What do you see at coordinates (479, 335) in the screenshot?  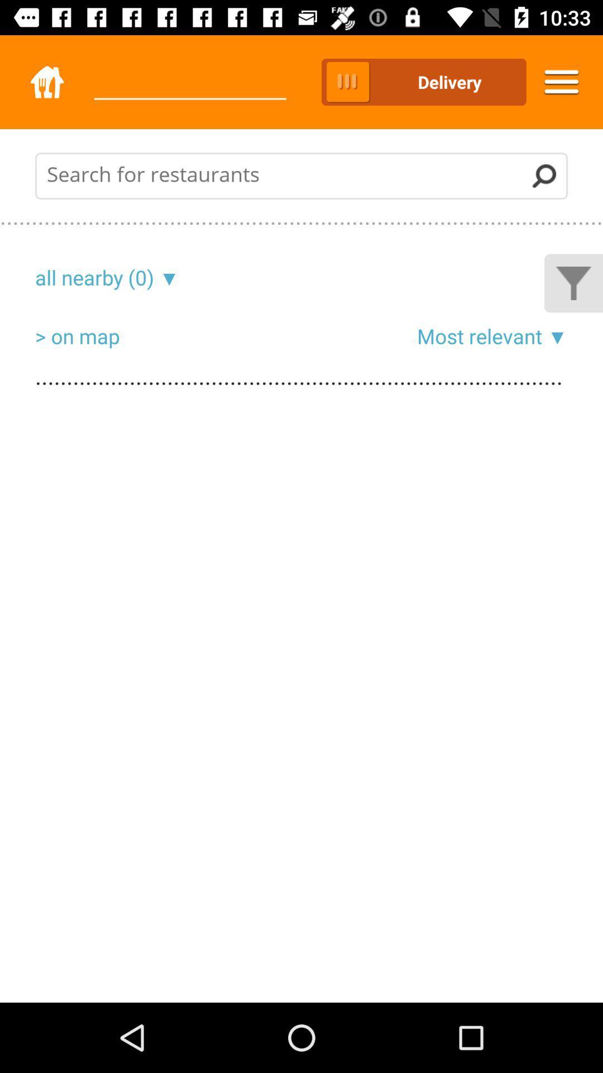 I see `most relevant icon` at bounding box center [479, 335].